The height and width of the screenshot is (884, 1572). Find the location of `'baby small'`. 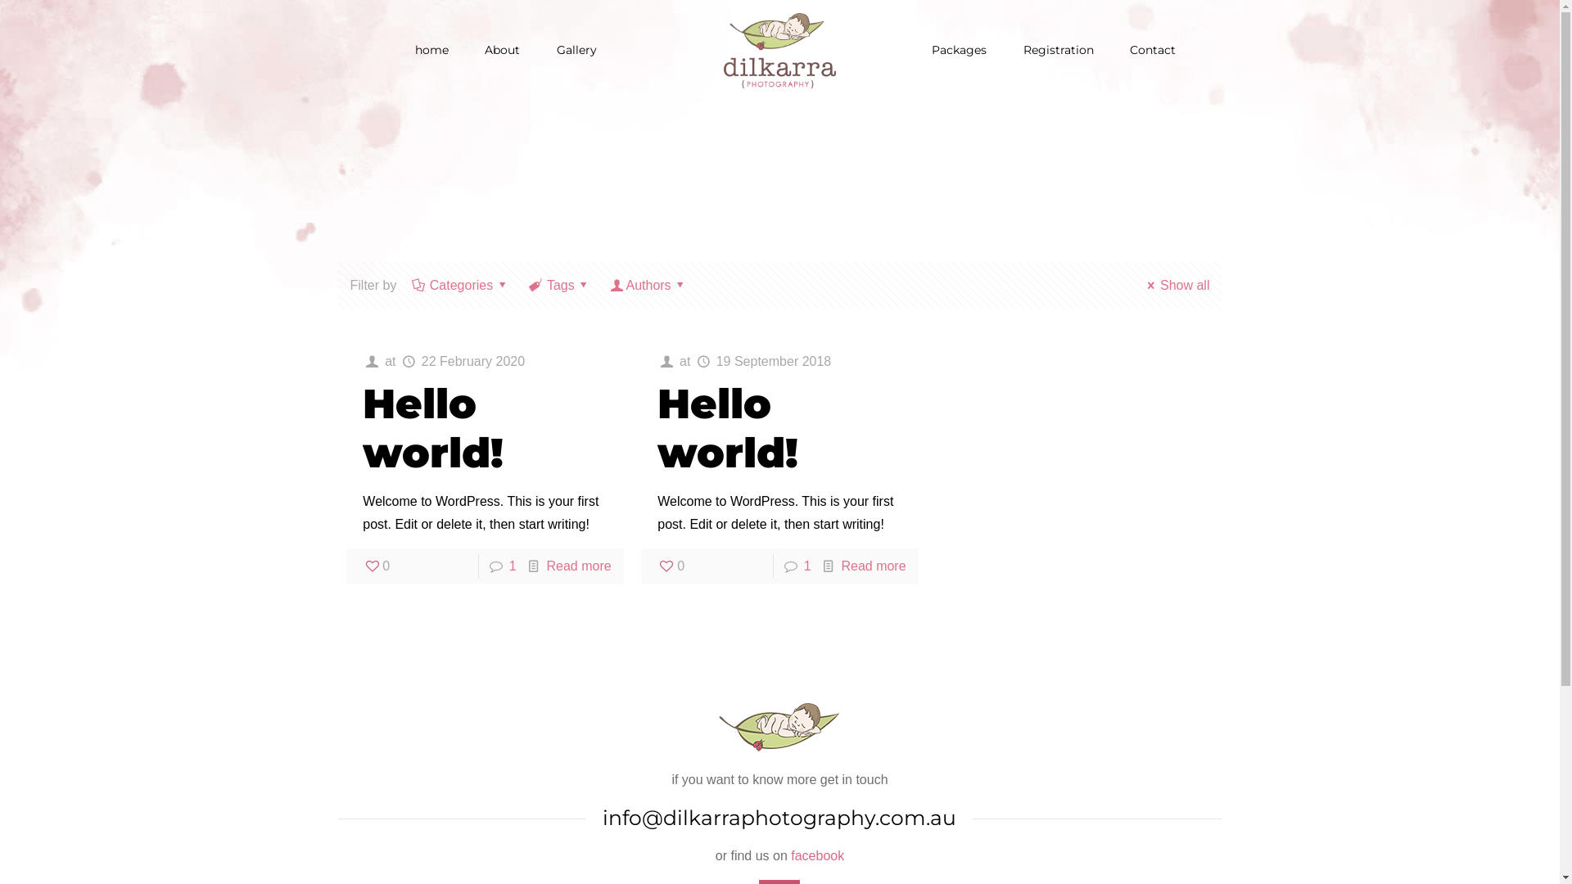

'baby small' is located at coordinates (718, 726).